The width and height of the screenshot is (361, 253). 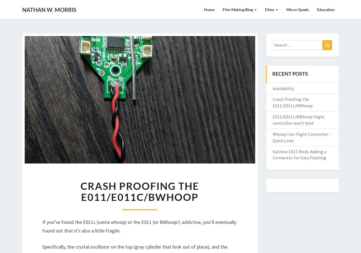 I want to click on 'Recent Posts', so click(x=290, y=73).